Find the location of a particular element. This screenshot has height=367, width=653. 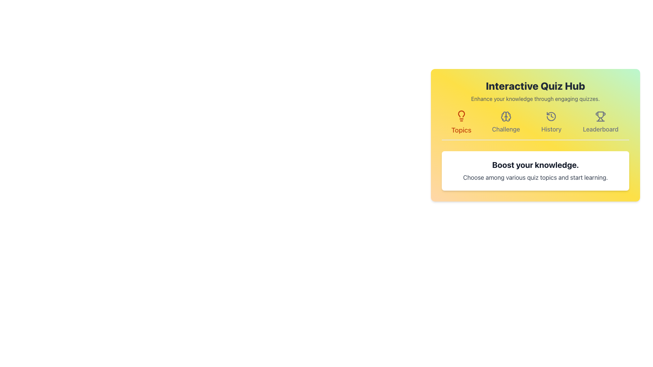

the 'Leaderboard' button, which features a trophy icon above the text in gray color, positioned as the rightmost element among similar buttons for navigation is located at coordinates (601, 123).